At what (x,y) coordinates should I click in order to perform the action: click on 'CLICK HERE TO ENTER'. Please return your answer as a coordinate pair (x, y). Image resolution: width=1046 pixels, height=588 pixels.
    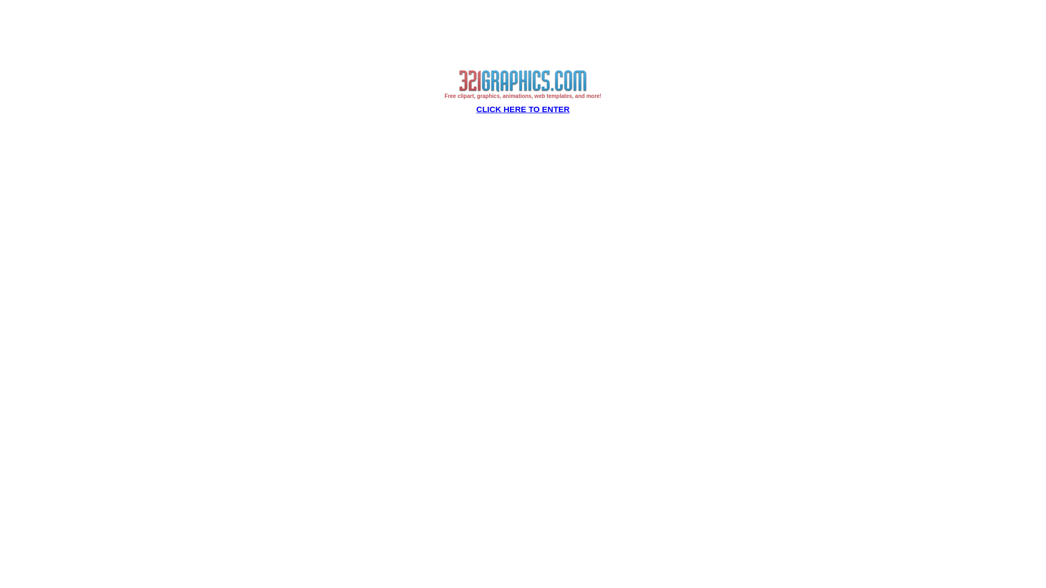
    Looking at the image, I should click on (522, 109).